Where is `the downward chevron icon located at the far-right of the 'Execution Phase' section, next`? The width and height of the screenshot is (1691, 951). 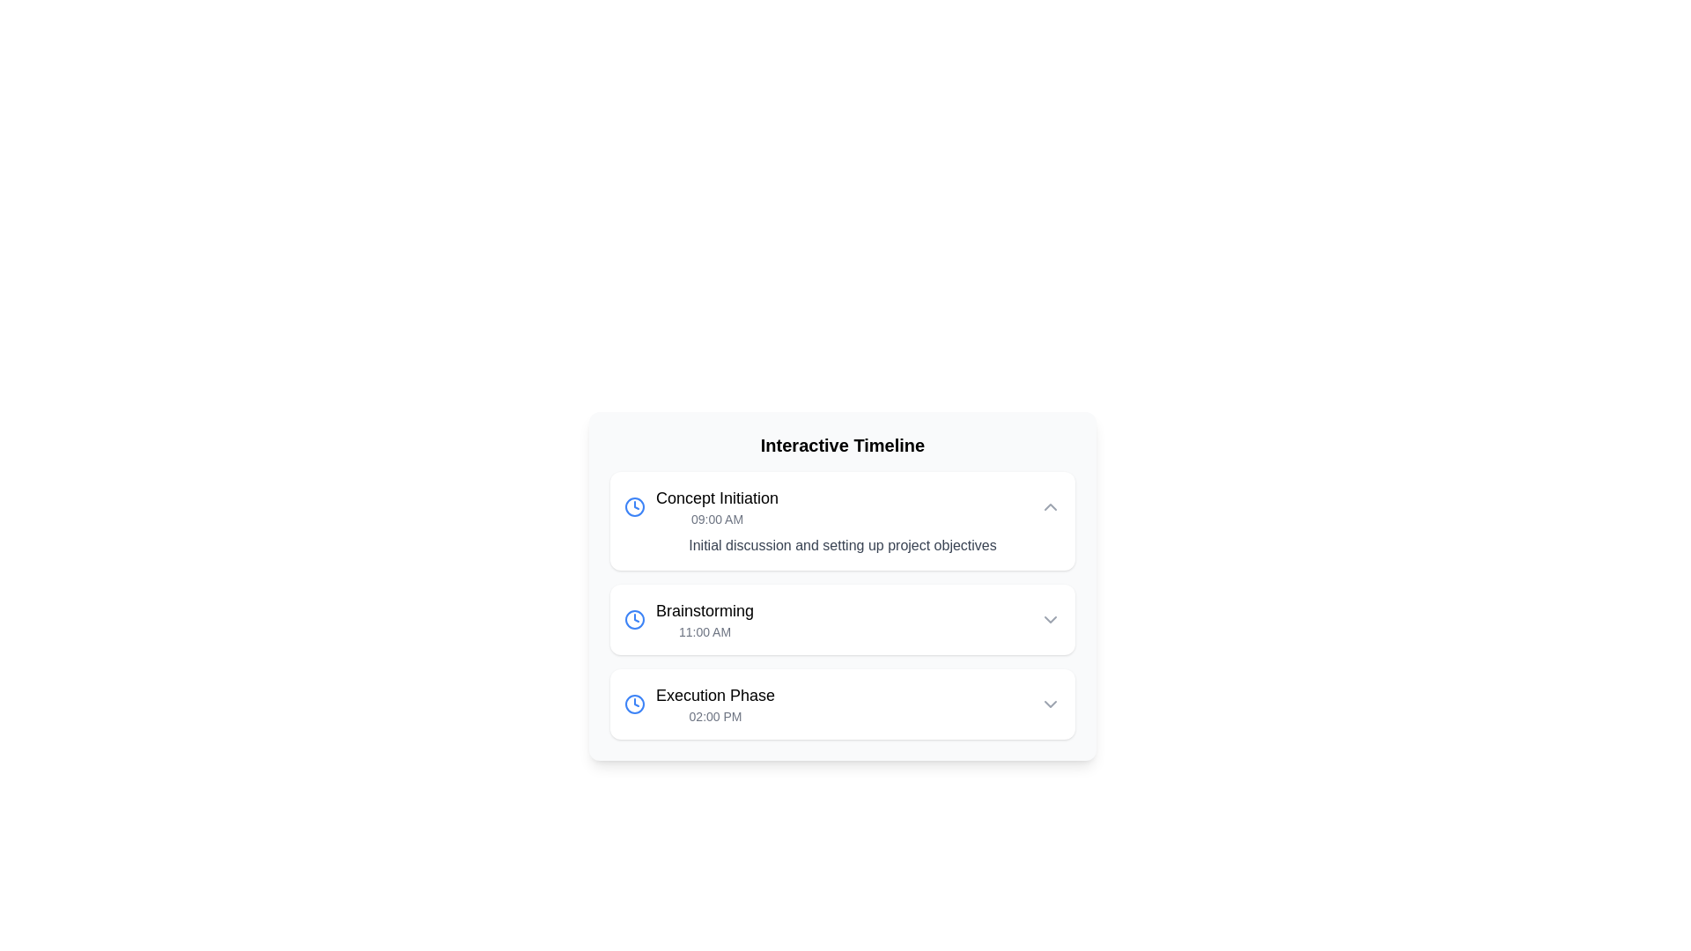
the downward chevron icon located at the far-right of the 'Execution Phase' section, next is located at coordinates (1051, 703).